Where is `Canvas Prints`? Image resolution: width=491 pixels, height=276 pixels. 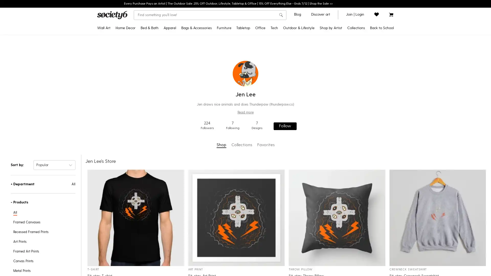
Canvas Prints is located at coordinates (120, 65).